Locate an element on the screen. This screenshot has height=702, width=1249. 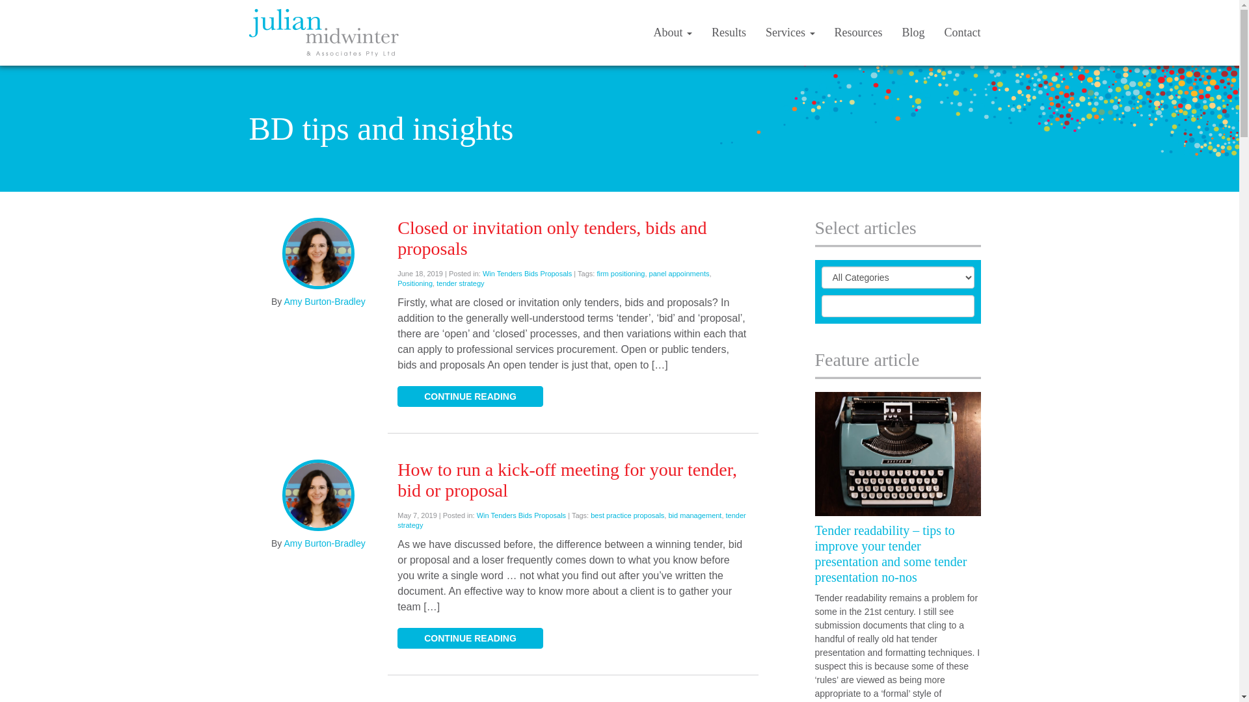
'bid management' is located at coordinates (694, 515).